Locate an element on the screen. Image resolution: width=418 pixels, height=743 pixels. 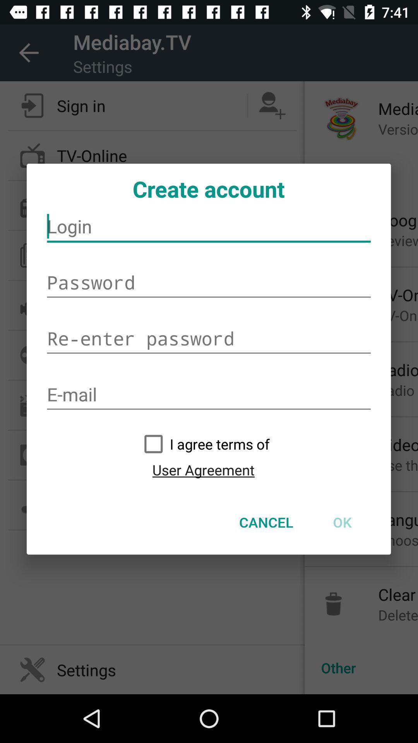
the icon above user agreement is located at coordinates (203, 444).